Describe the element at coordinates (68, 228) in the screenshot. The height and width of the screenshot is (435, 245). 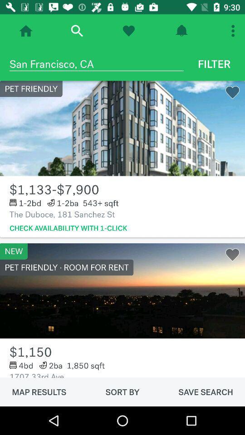
I see `check availability with item` at that location.